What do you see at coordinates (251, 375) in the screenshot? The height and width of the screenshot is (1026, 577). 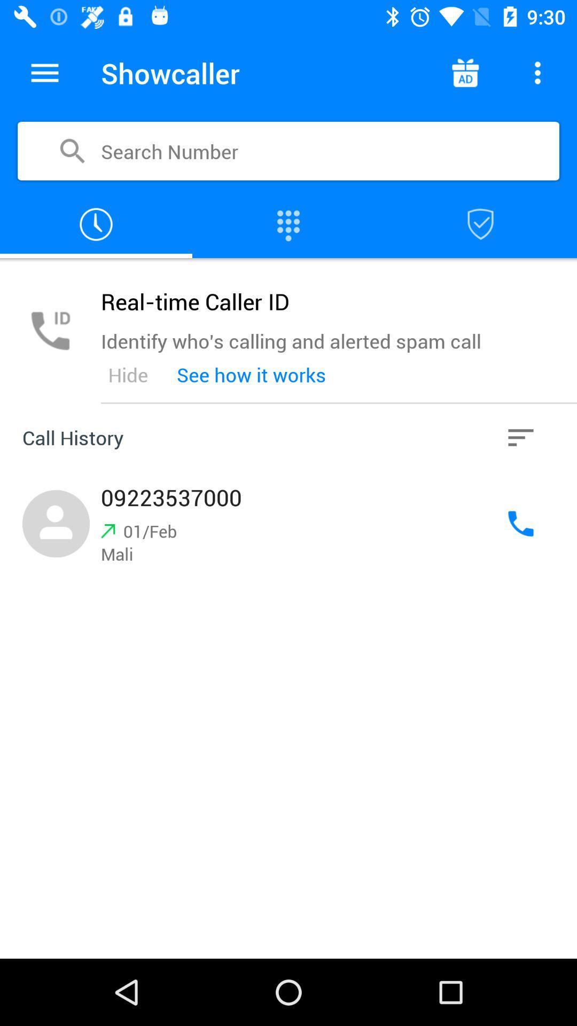 I see `the text right of hide` at bounding box center [251, 375].